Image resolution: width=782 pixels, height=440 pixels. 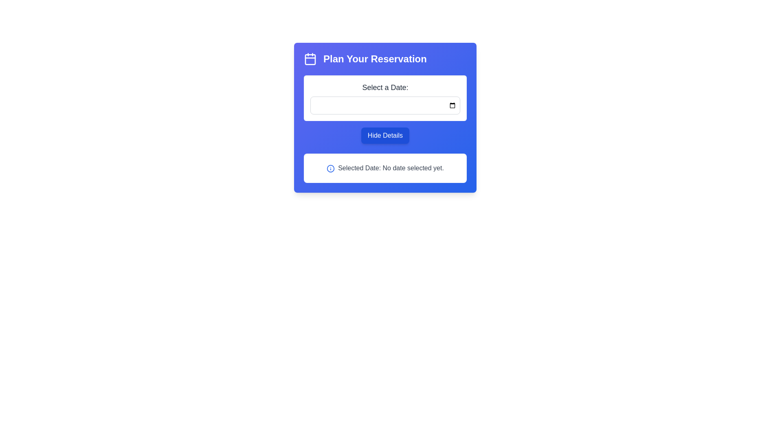 What do you see at coordinates (310, 59) in the screenshot?
I see `the central rectangular shape with rounded corners, styled in purple, located within the calendar icon at the top-left corner of the 'Plan Your Reservation' section` at bounding box center [310, 59].